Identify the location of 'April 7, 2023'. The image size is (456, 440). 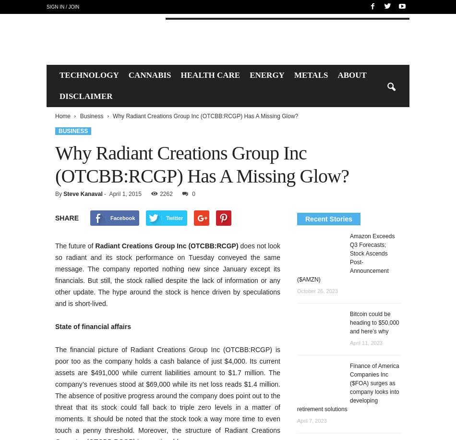
(312, 420).